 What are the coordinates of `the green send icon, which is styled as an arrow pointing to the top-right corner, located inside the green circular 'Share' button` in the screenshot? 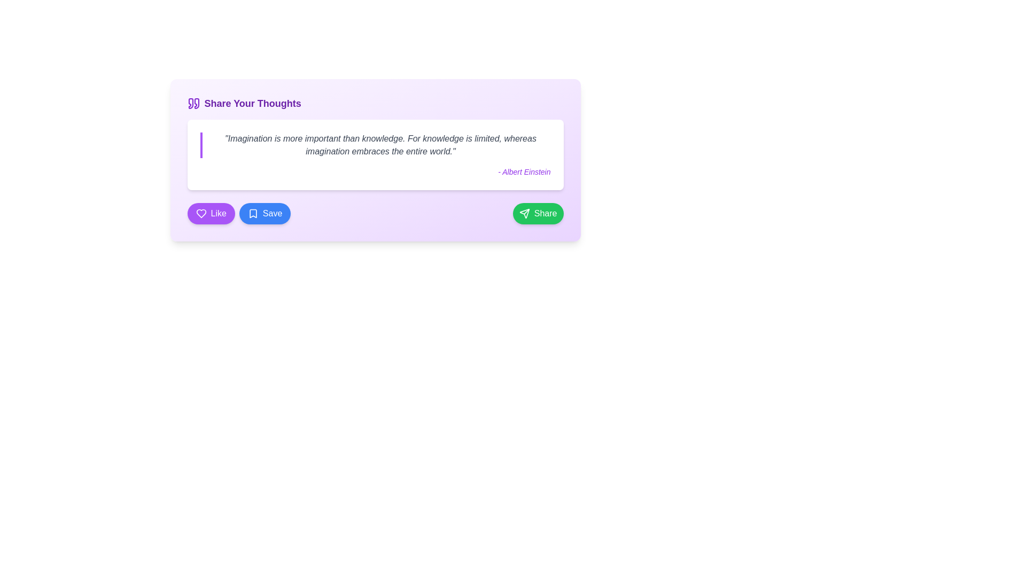 It's located at (524, 214).